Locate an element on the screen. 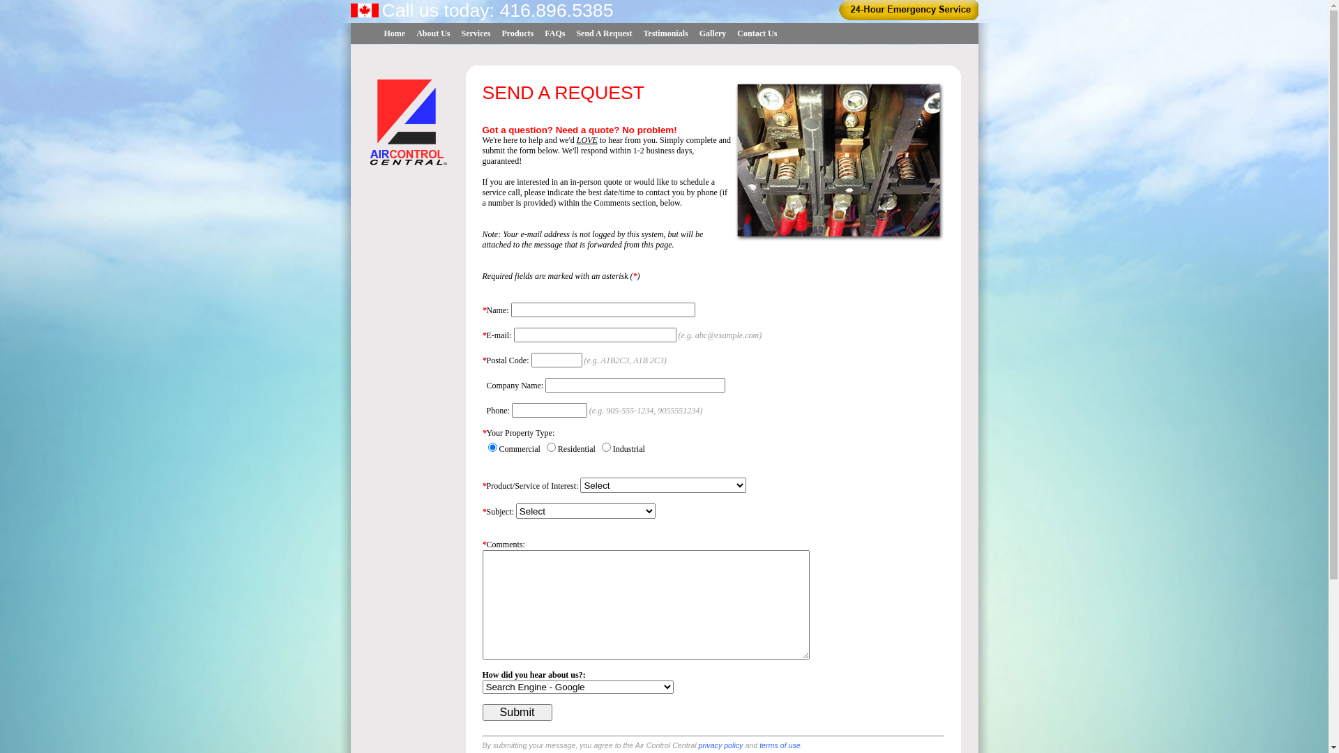  'About Us' is located at coordinates (410, 33).